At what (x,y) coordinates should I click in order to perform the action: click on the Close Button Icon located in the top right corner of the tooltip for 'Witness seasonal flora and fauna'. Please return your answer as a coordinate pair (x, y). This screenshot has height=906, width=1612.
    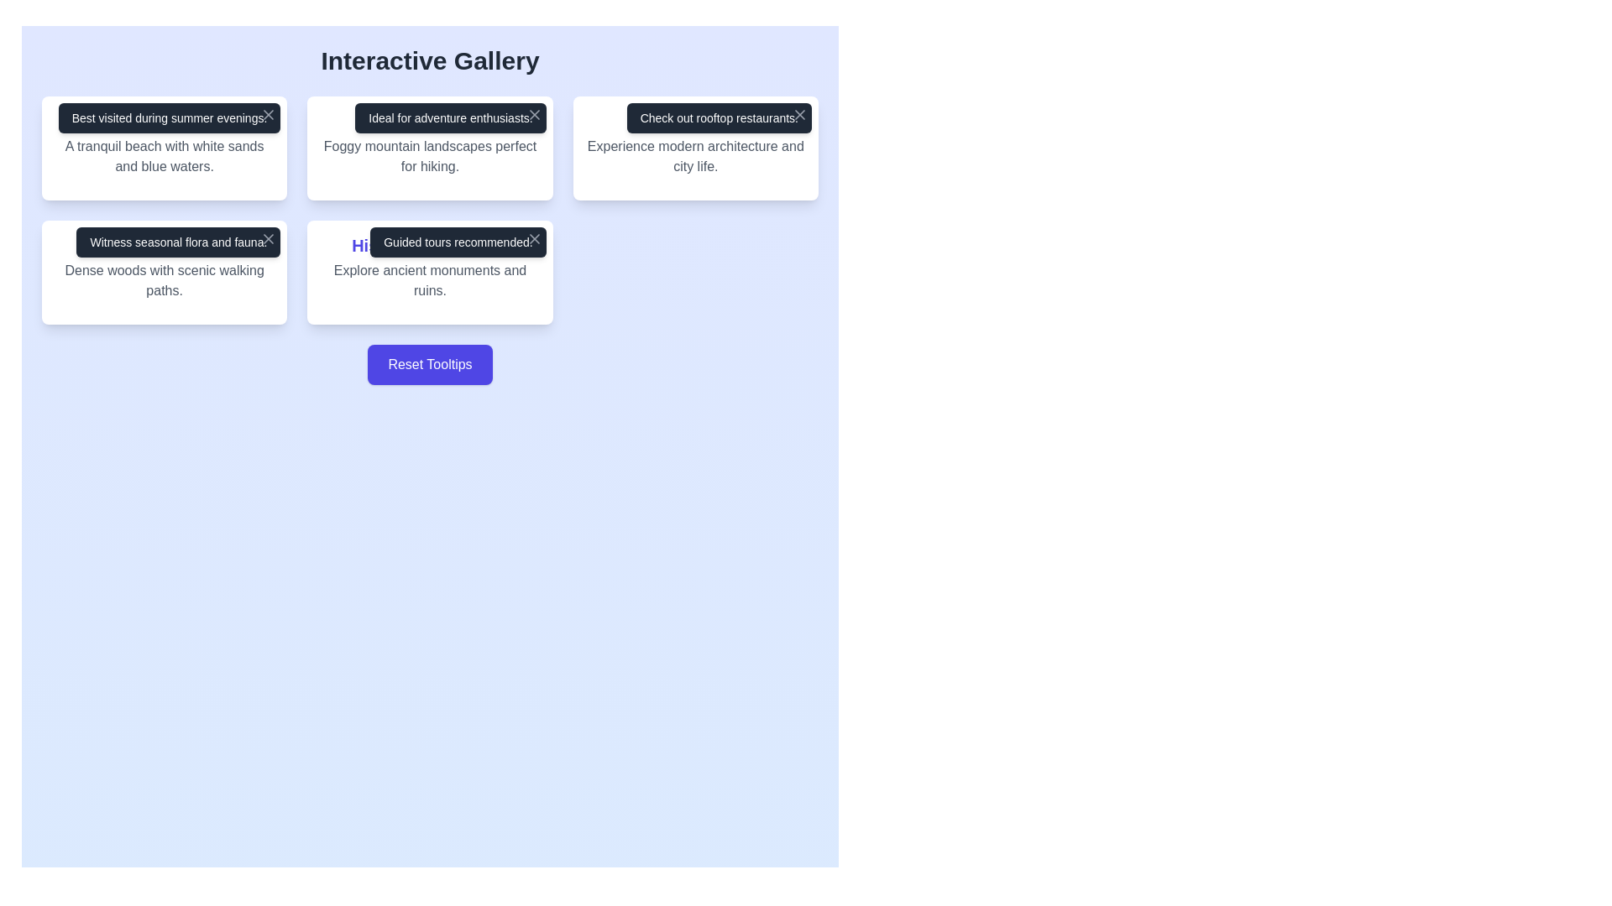
    Looking at the image, I should click on (269, 239).